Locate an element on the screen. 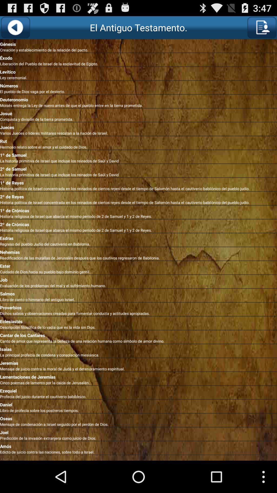 This screenshot has height=493, width=277. the cinco poemas de item is located at coordinates (138, 383).